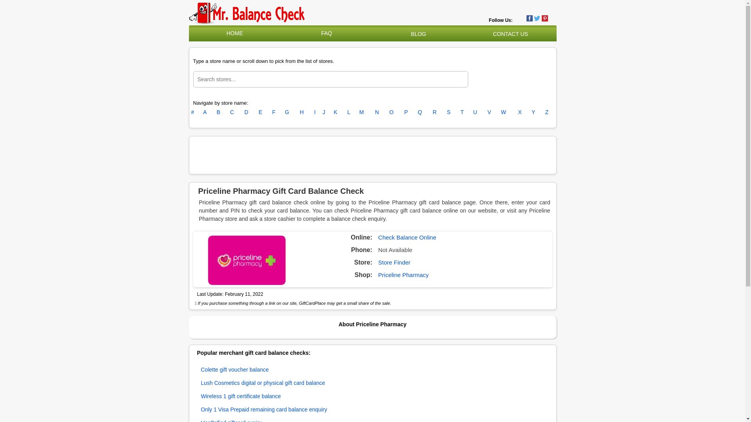  I want to click on 'Y', so click(533, 112).